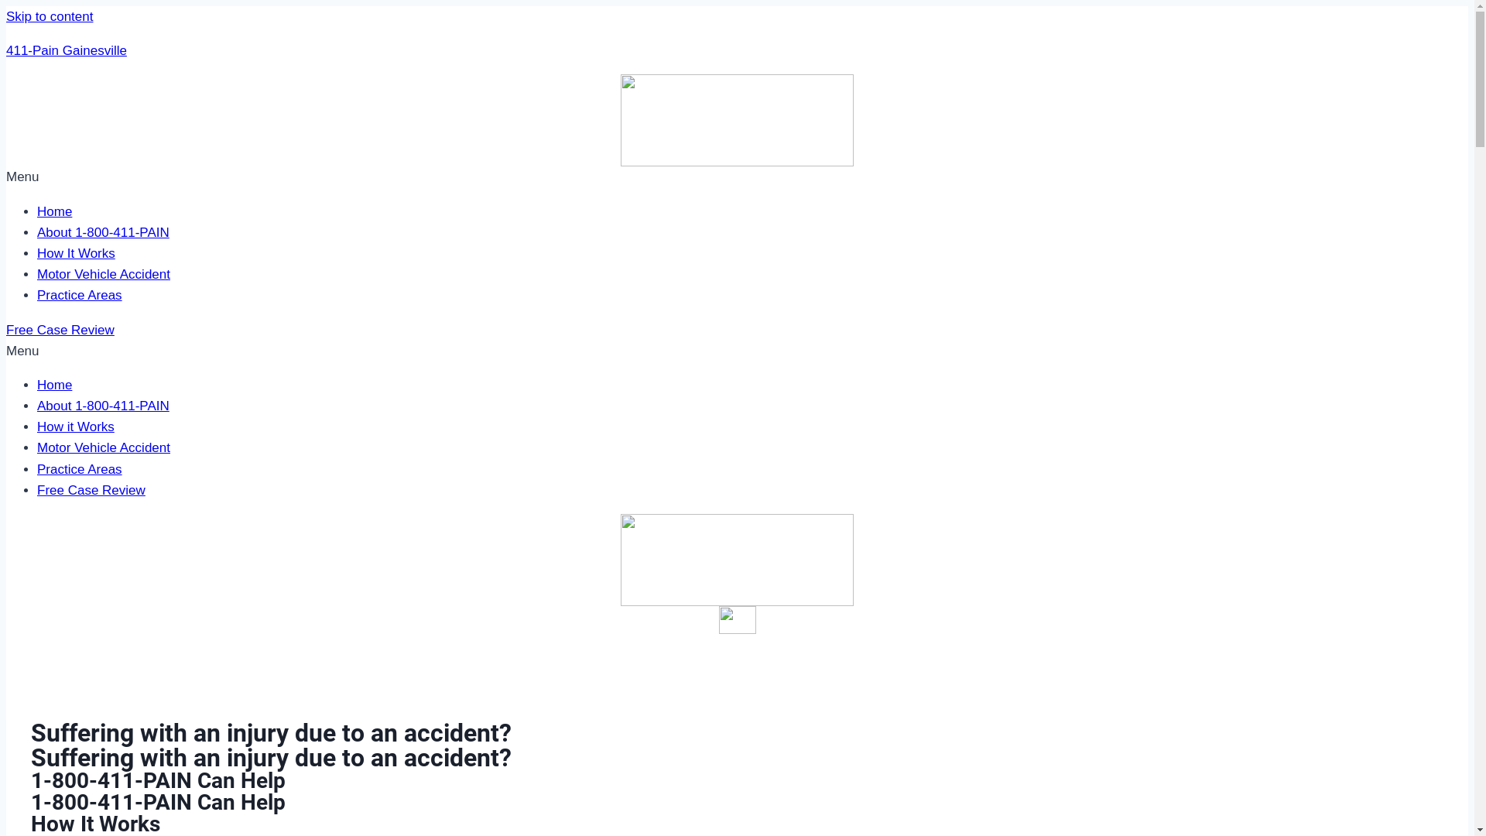  Describe the element at coordinates (54, 384) in the screenshot. I see `'Home'` at that location.